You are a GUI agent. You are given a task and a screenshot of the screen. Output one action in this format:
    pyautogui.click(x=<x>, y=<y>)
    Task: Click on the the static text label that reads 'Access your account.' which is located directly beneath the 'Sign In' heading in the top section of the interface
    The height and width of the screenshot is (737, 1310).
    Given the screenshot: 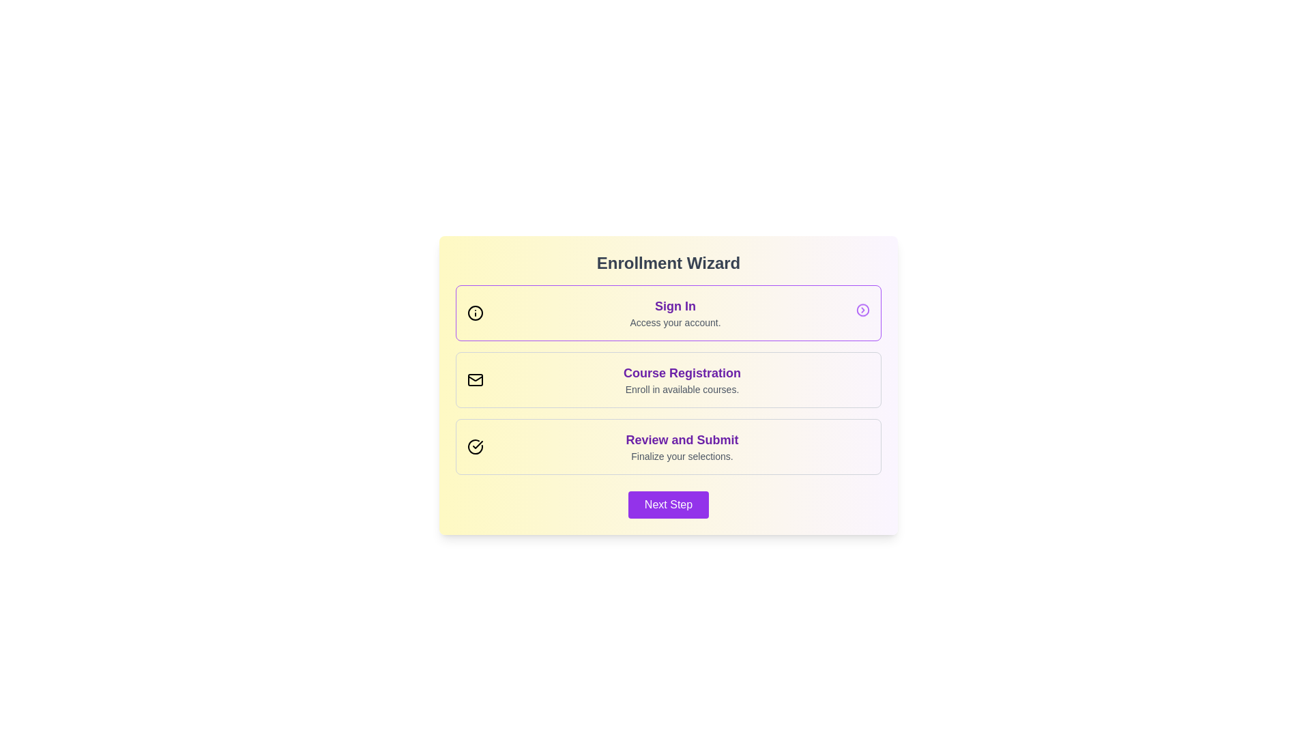 What is the action you would take?
    pyautogui.click(x=675, y=323)
    